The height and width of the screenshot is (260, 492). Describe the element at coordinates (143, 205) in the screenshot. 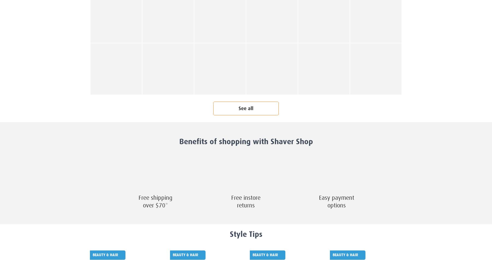

I see `'over $70*'` at that location.